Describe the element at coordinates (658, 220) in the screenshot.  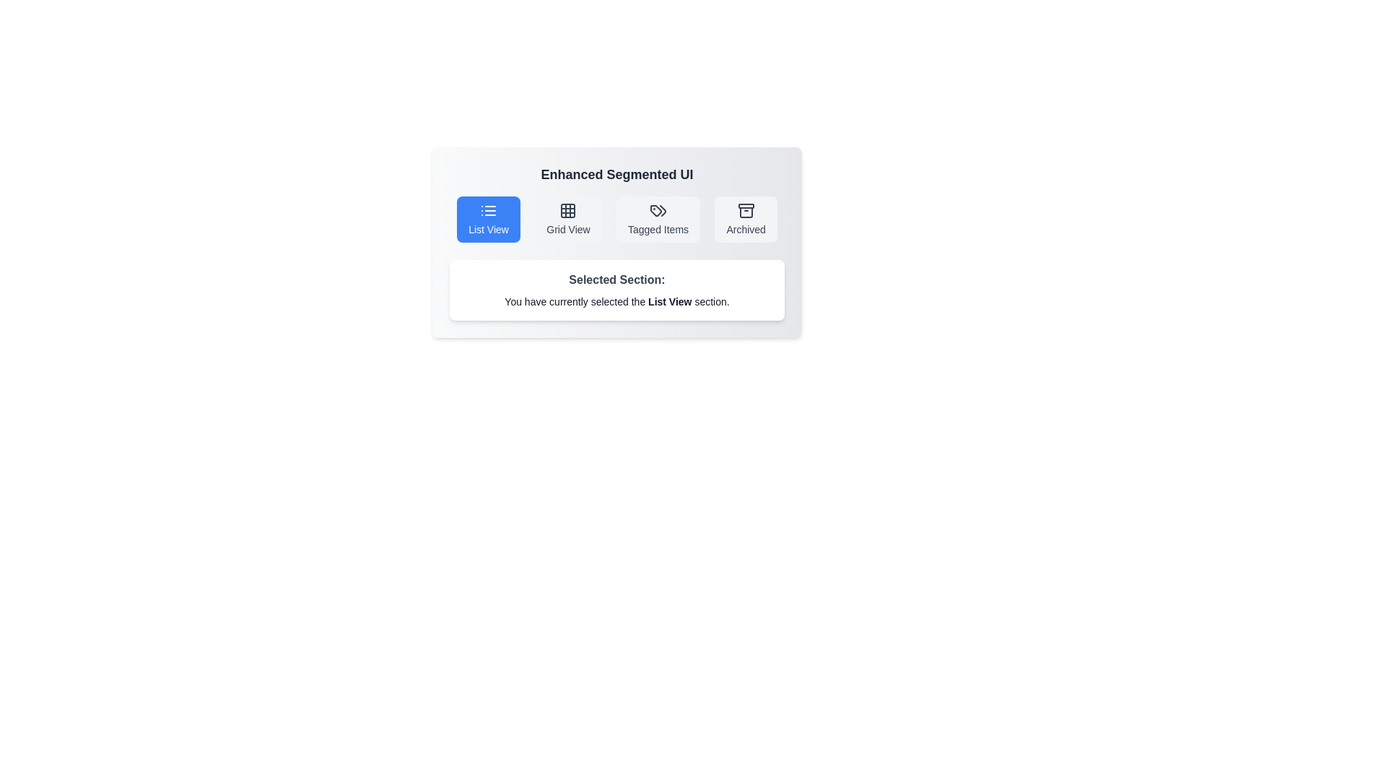
I see `the 'Tagged Items' button, which is a rectangular button with a white background and rounded corners, featuring an icon of two overlapping tags above the label` at that location.